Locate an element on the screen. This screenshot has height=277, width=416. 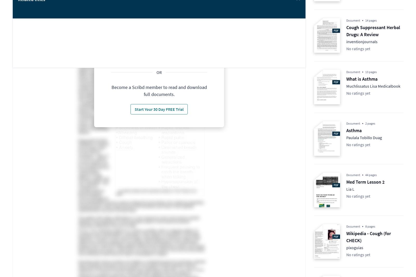
'2 pages' is located at coordinates (370, 123).